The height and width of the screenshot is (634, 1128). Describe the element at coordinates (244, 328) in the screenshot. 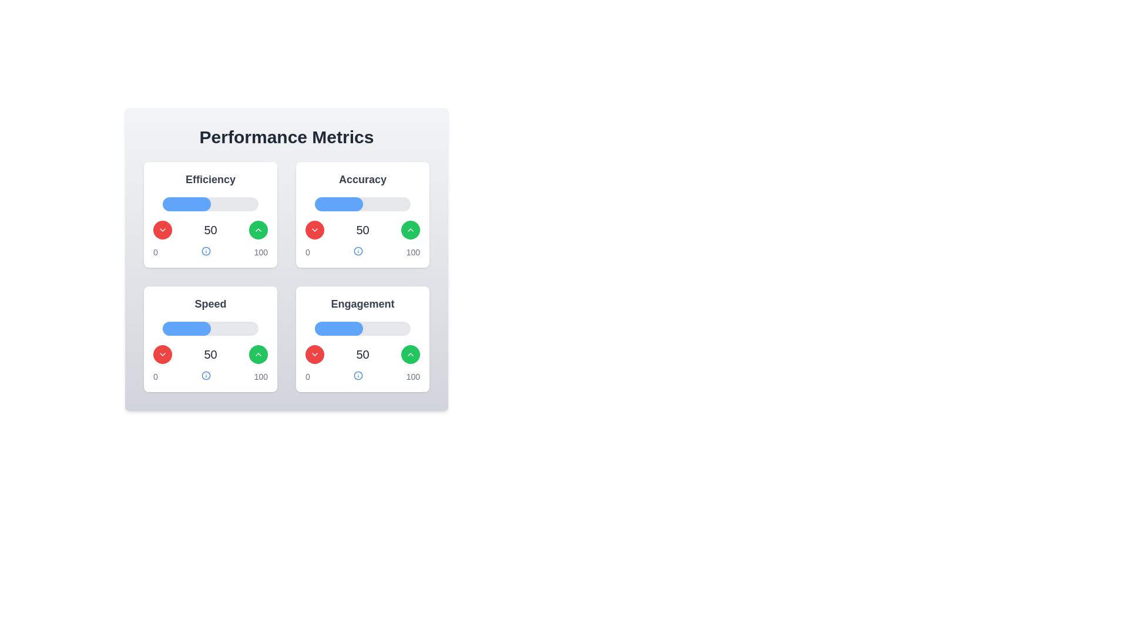

I see `the progress bar or slider` at that location.